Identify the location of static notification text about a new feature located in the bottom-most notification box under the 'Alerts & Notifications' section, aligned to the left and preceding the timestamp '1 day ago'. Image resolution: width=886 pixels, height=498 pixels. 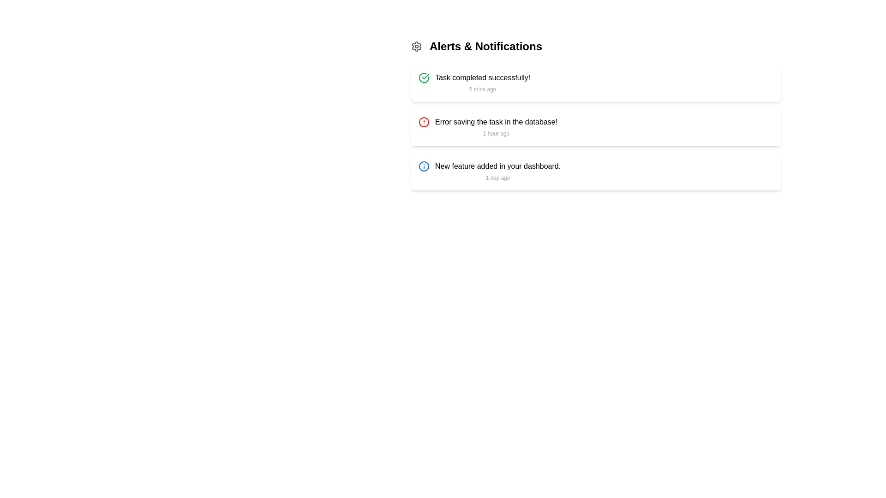
(497, 166).